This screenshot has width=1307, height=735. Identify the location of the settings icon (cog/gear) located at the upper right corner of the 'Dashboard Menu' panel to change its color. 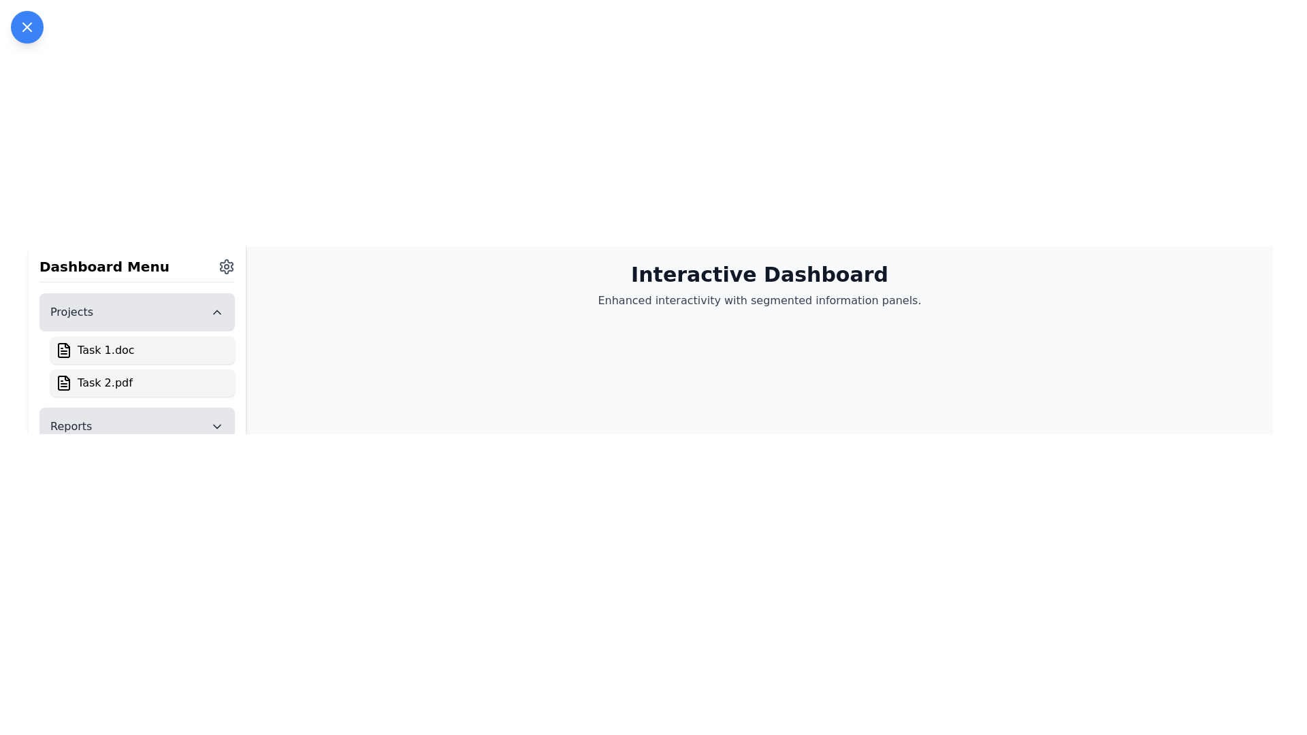
(226, 267).